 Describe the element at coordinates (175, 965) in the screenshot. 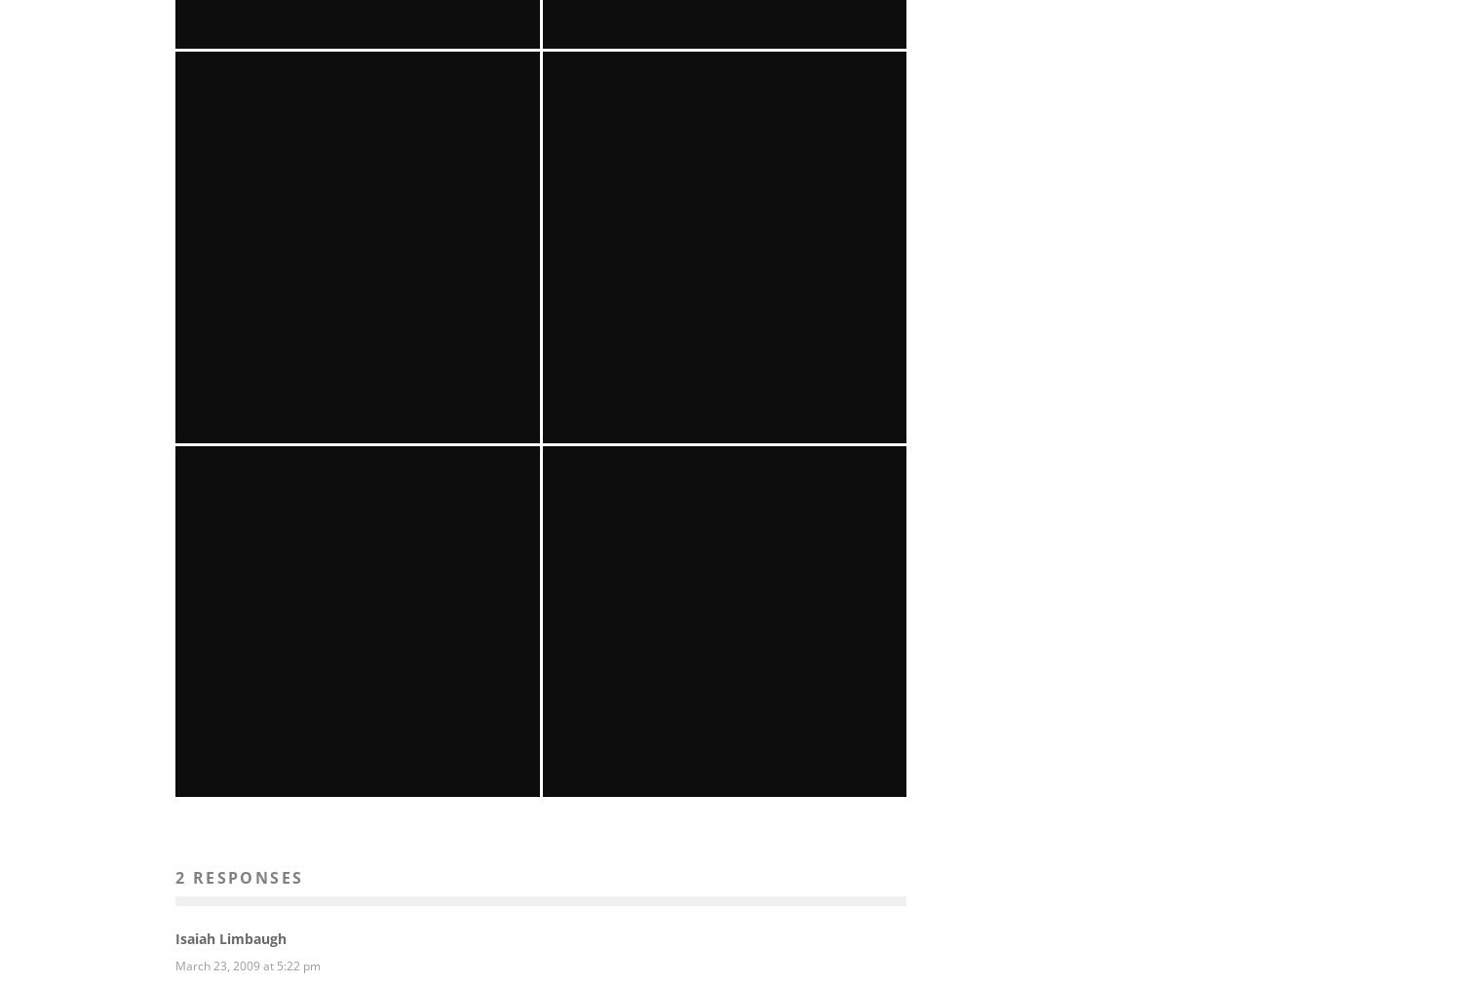

I see `'March 23, 2009 at 5:22 pm'` at that location.